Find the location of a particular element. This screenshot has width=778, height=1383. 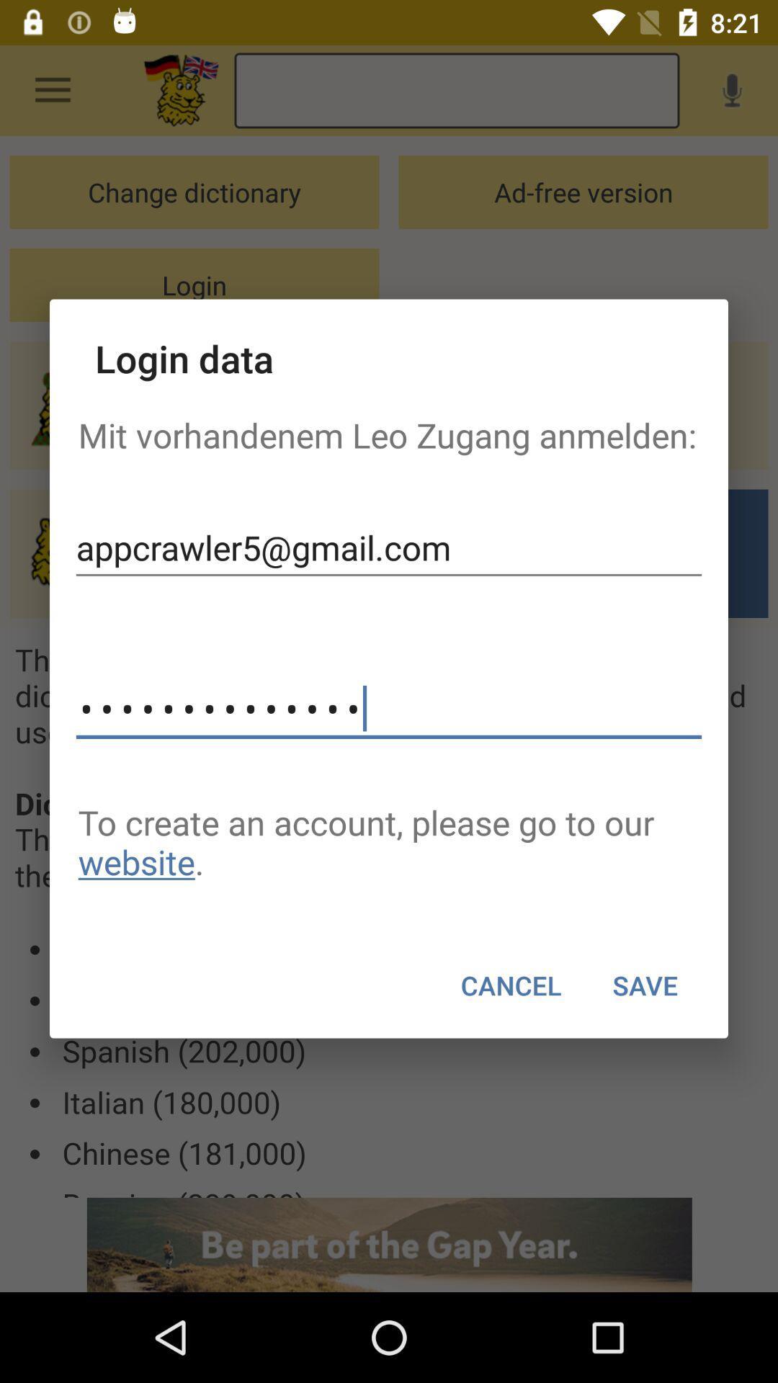

item next to cancel item is located at coordinates (644, 985).